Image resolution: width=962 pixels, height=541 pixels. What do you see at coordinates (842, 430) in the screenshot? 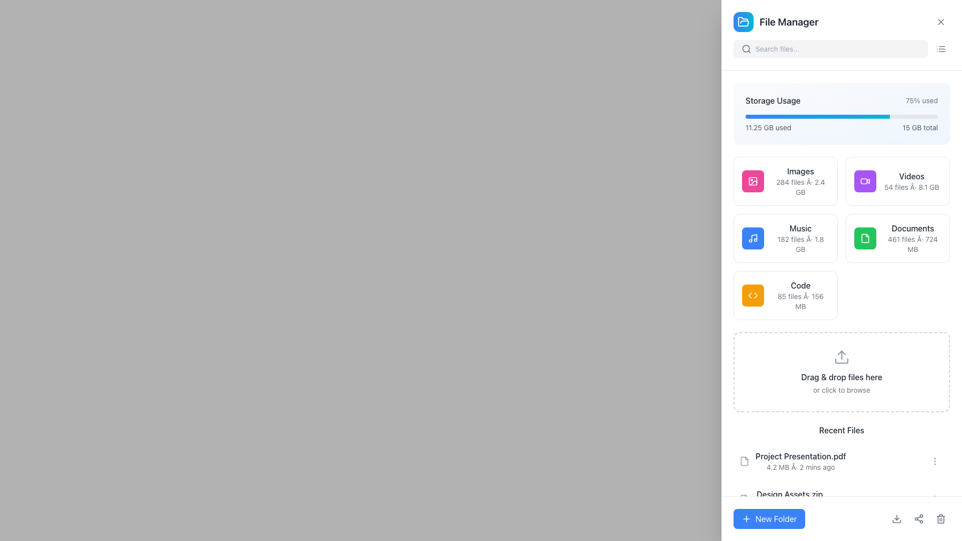
I see `the informational text label that indicates the section for recently accessed or added files in the file manager interface, located near the bottom and beneath the file drop box` at bounding box center [842, 430].